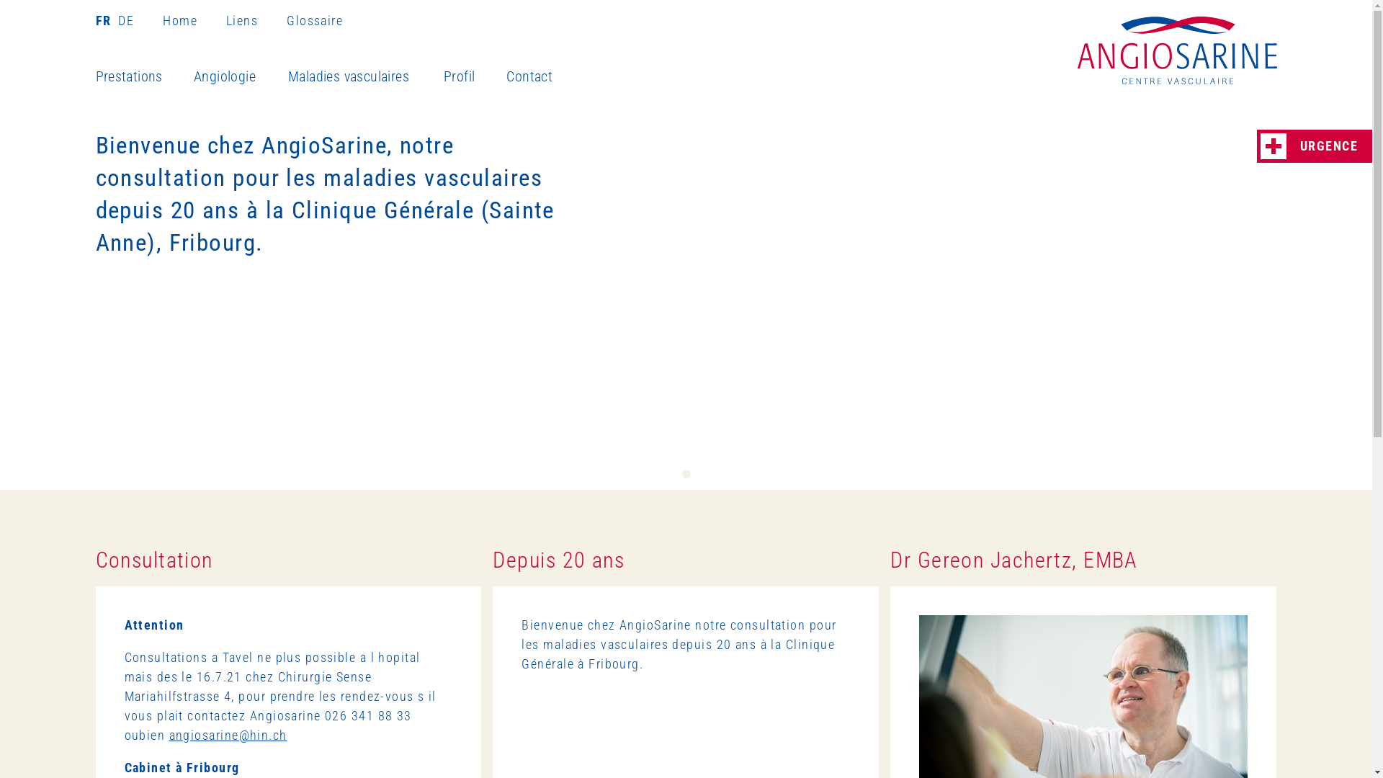 The height and width of the screenshot is (778, 1383). What do you see at coordinates (1314, 146) in the screenshot?
I see `'URGENCE'` at bounding box center [1314, 146].